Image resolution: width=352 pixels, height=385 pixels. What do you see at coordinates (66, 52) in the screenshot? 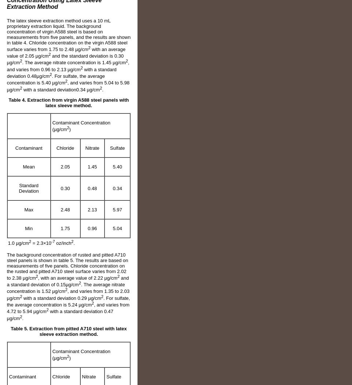
I see `'with an average value of 2.05 µg/cm'` at bounding box center [66, 52].